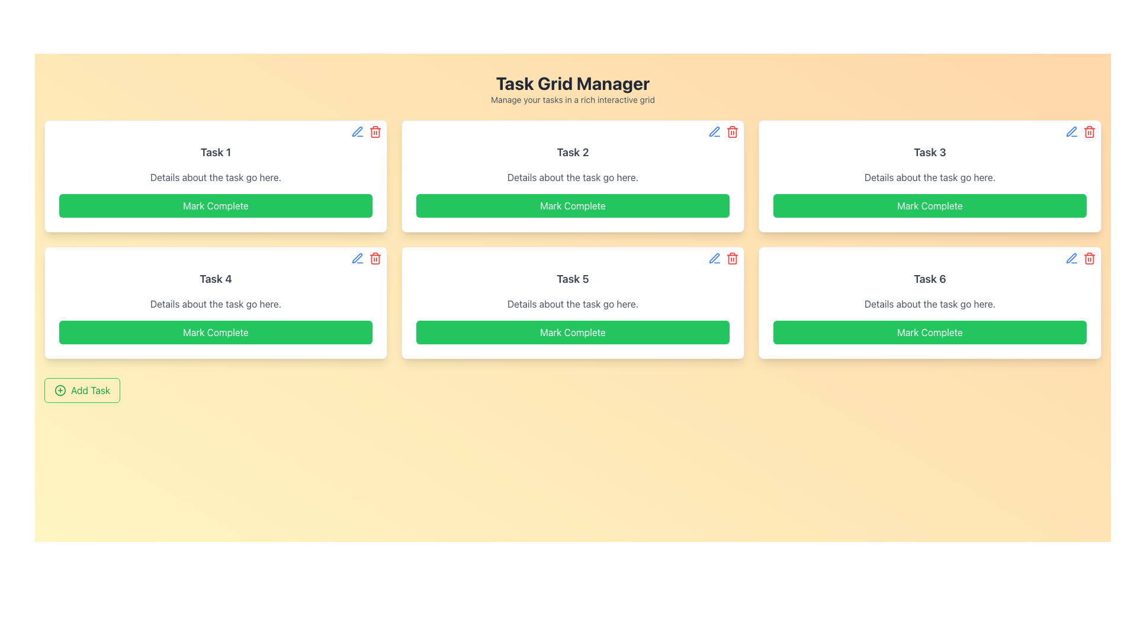  What do you see at coordinates (573, 177) in the screenshot?
I see `the gray text snippet that reads 'Details about the task go here.' located in the middle section of the card labeled 'Task 2'` at bounding box center [573, 177].